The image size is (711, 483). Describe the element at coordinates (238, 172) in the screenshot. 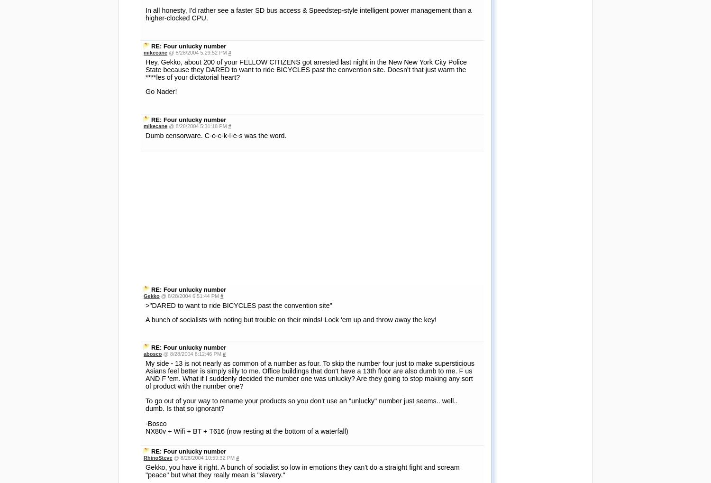

I see `'>"DARED to want to ride BICYCLES past the convention site"'` at that location.